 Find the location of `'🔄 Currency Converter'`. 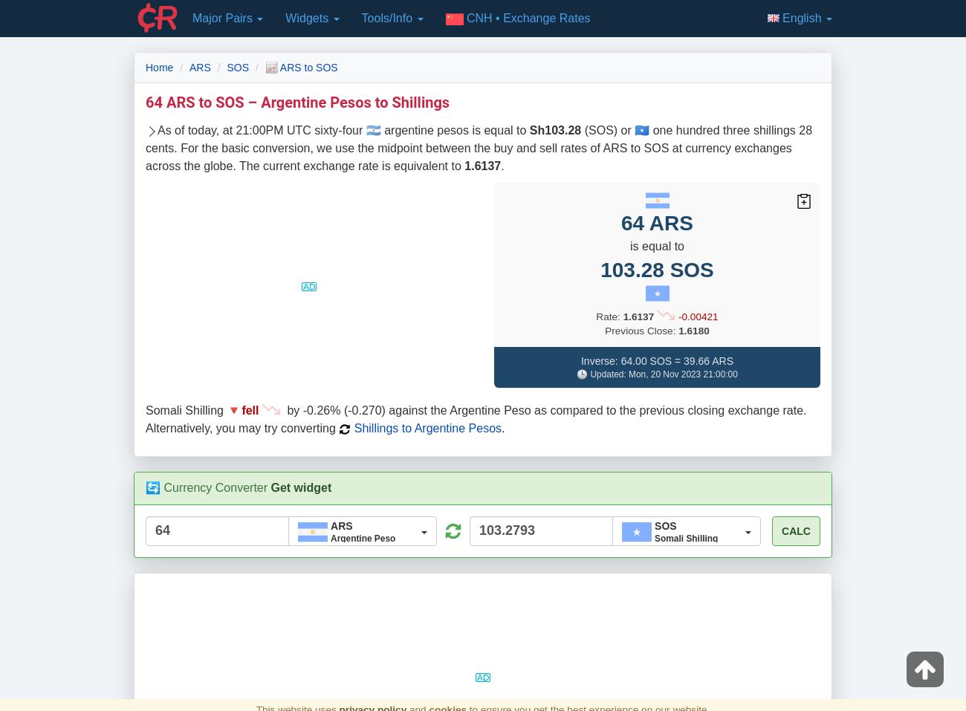

'🔄 Currency Converter' is located at coordinates (146, 487).